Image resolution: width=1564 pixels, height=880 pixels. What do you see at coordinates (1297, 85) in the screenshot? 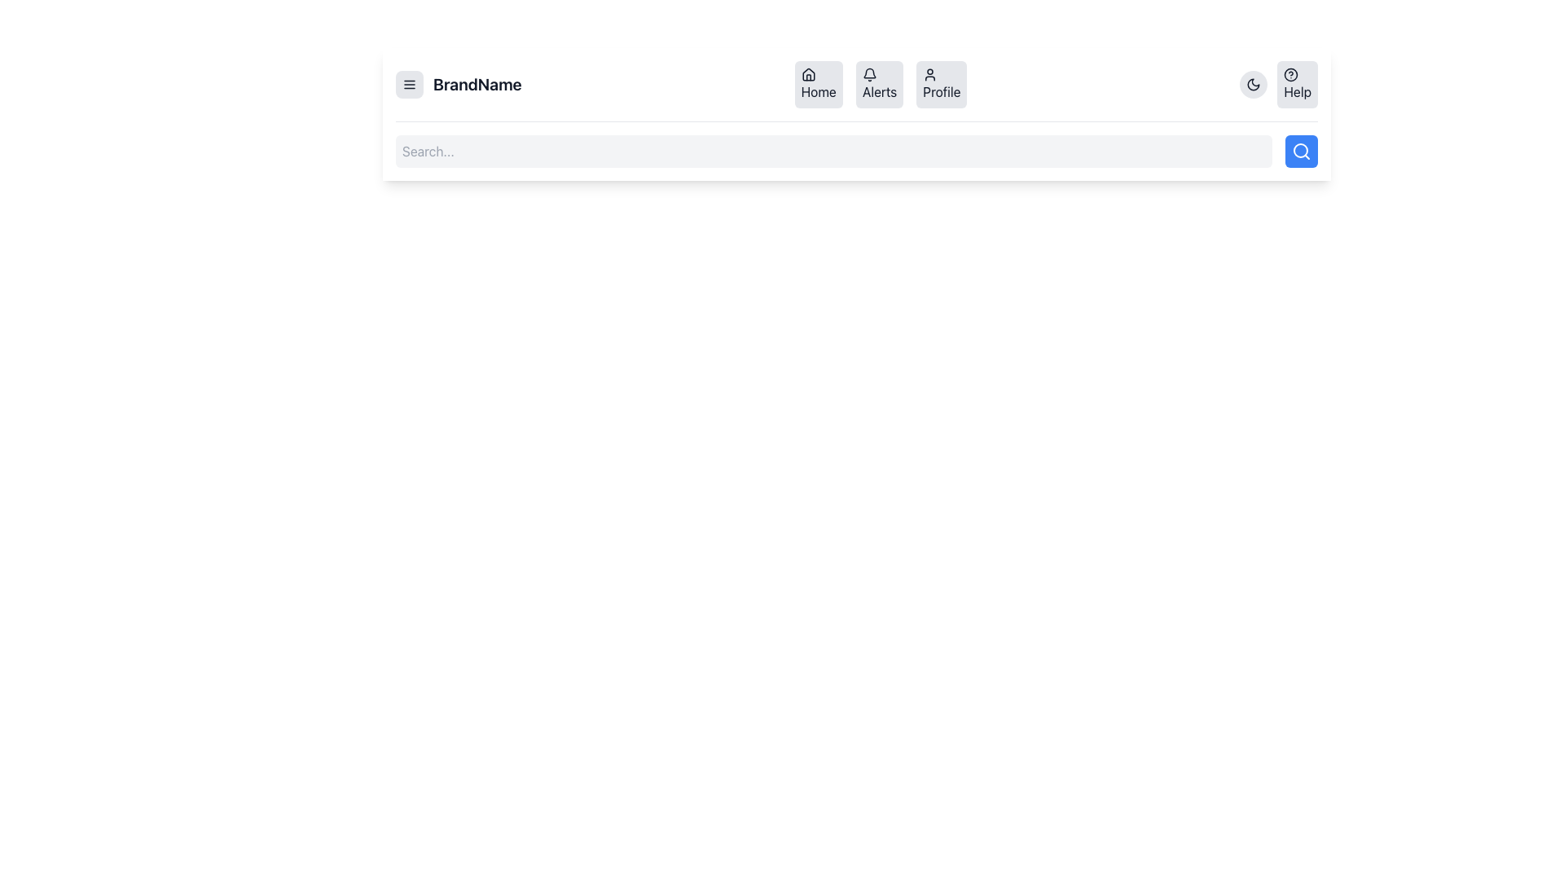
I see `the rounded rectangular 'Help' button with a light gray background and a black question mark icon` at bounding box center [1297, 85].